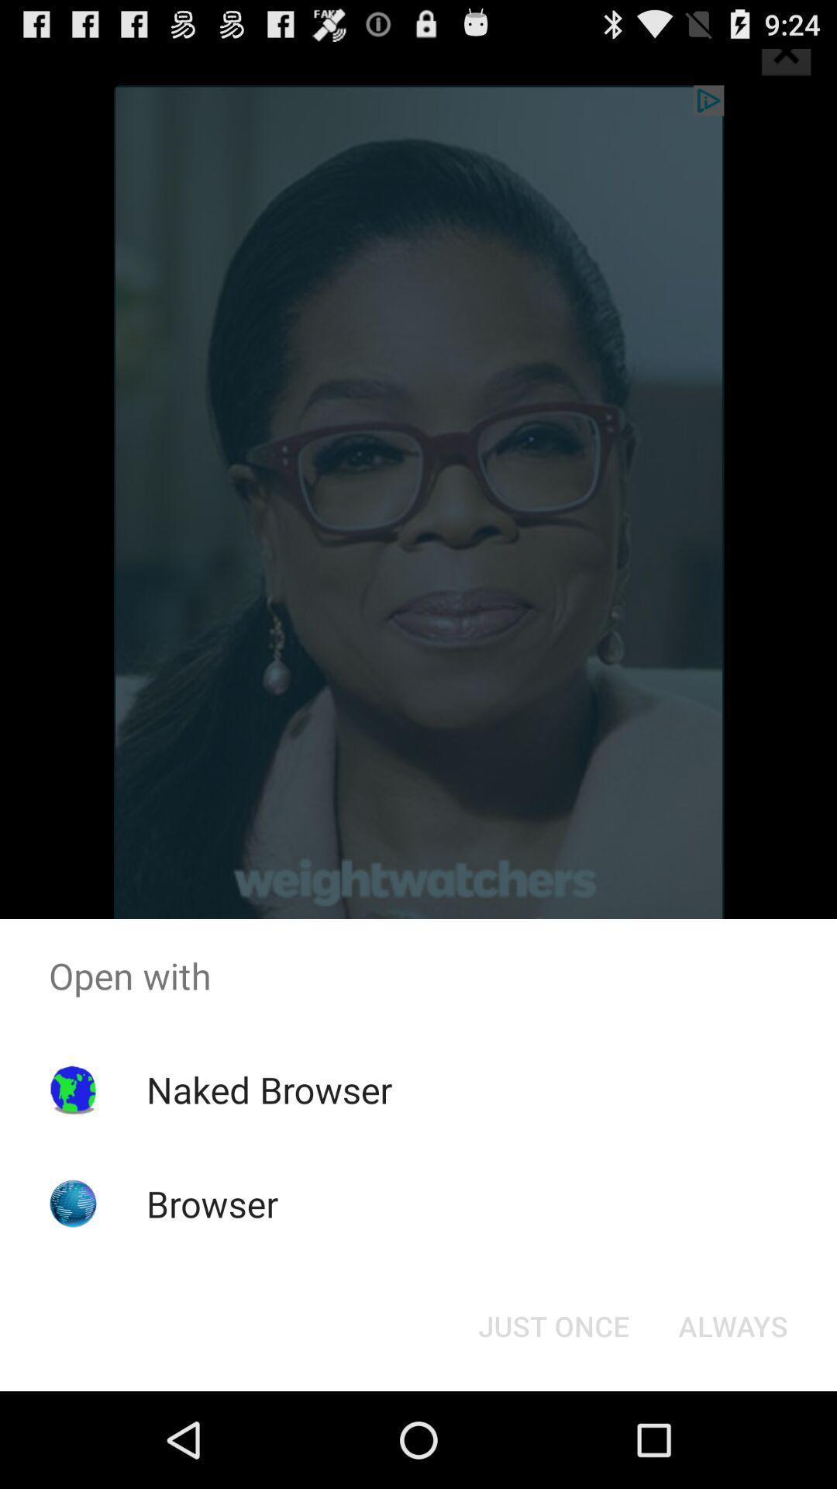 This screenshot has height=1489, width=837. What do you see at coordinates (732, 1325) in the screenshot?
I see `the button at the bottom right corner` at bounding box center [732, 1325].